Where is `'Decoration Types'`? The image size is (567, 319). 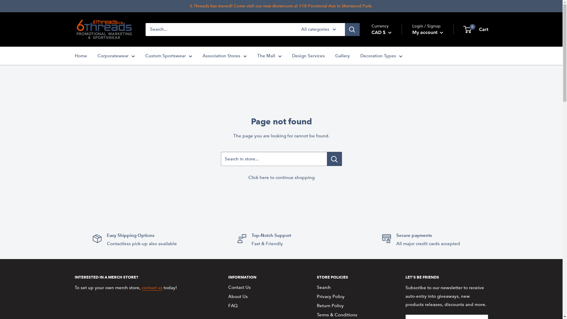 'Decoration Types' is located at coordinates (381, 56).